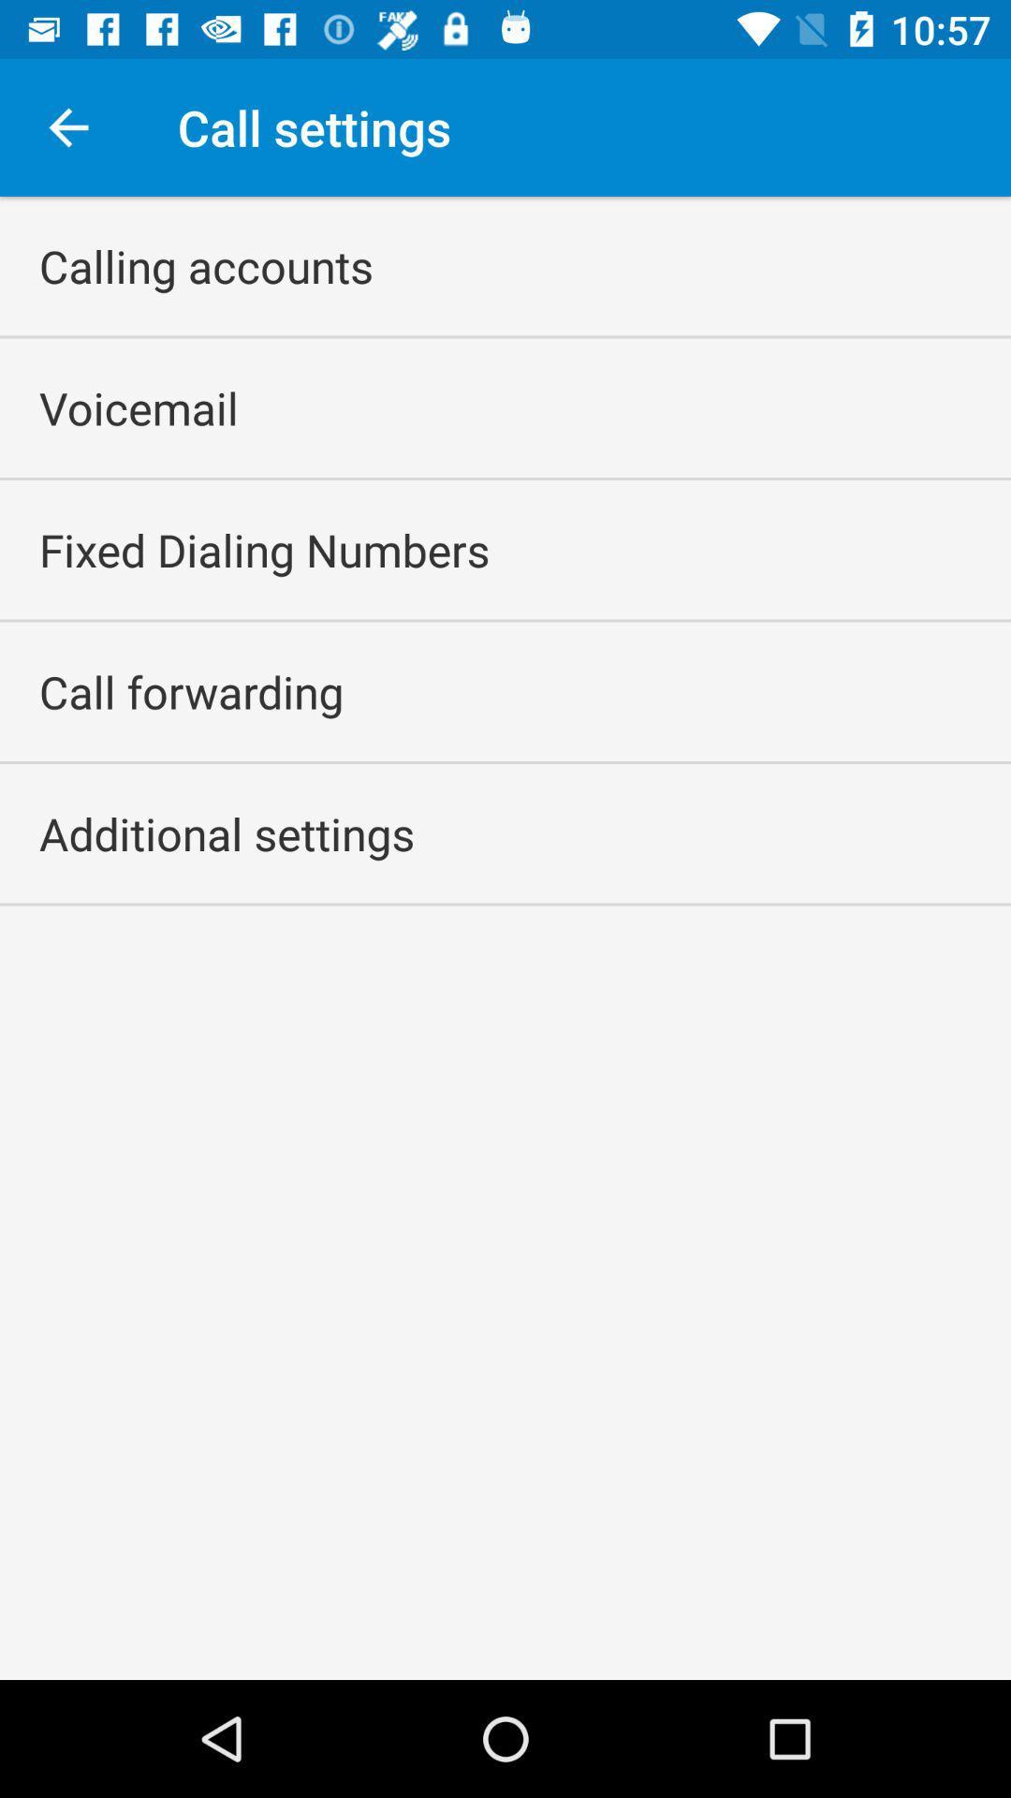 The height and width of the screenshot is (1798, 1011). I want to click on the item above the additional settings item, so click(191, 690).